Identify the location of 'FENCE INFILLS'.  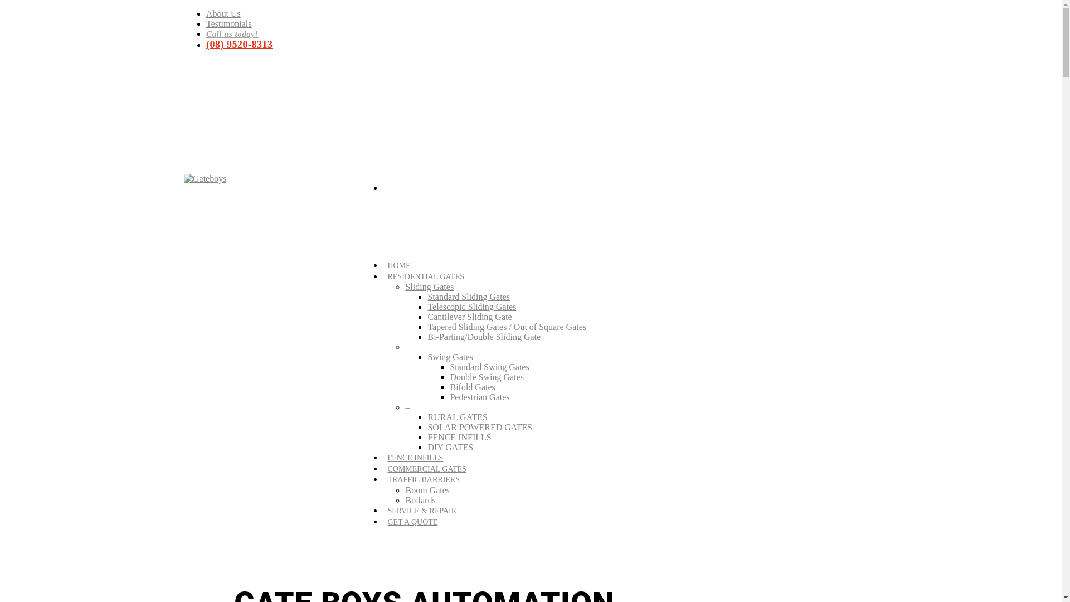
(387, 460).